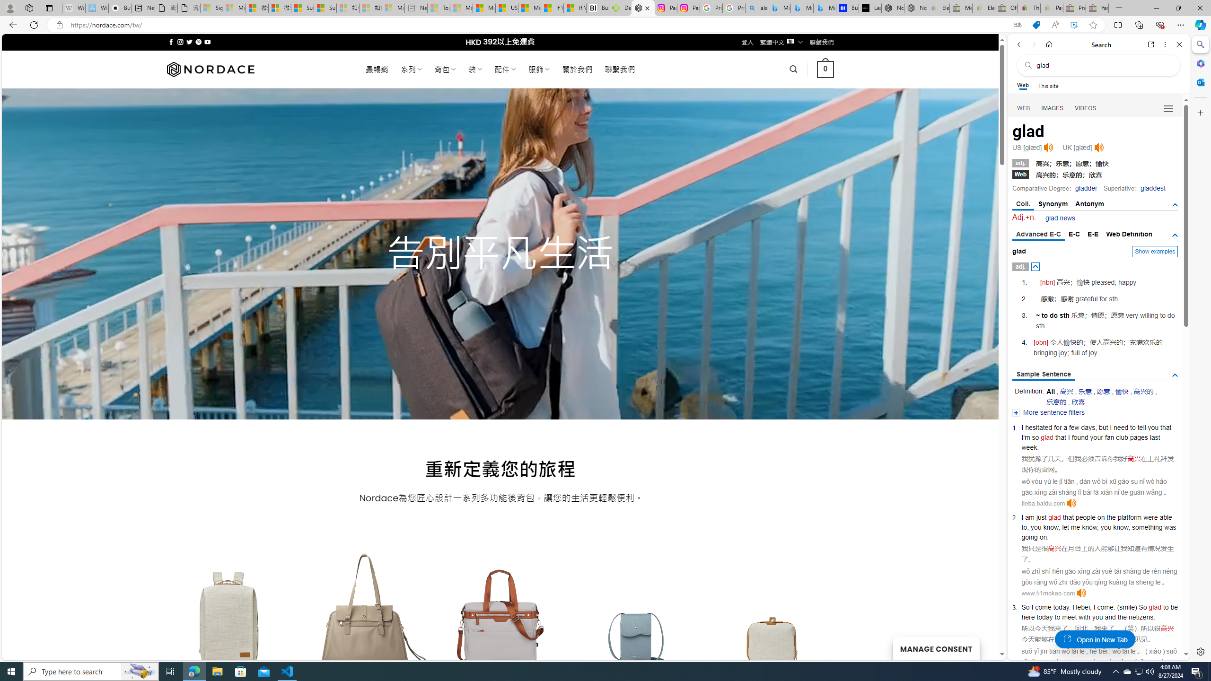 This screenshot has width=1211, height=681. Describe the element at coordinates (779, 8) in the screenshot. I see `'Microsoft Bing Travel - Flights from Hong Kong to Bangkok'` at that location.